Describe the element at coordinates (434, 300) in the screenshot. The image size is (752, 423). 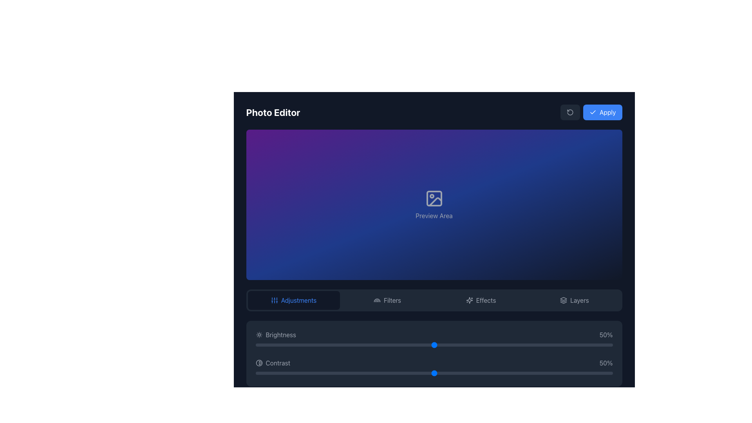
I see `the 'Filters' button in the dark-themed horizontal navigation panel located below the preview area` at that location.